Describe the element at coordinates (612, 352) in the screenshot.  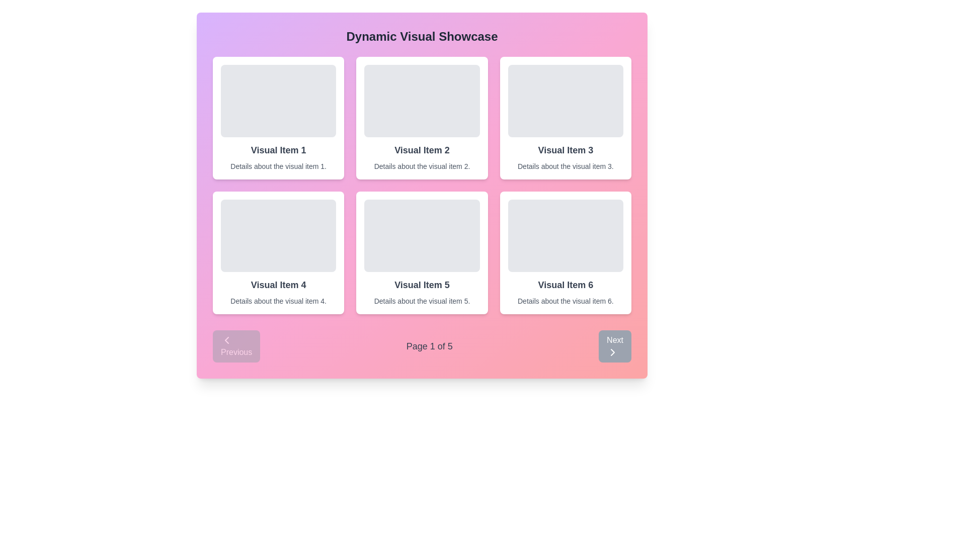
I see `the chevron icon located in the bottom-right corner of the interface next to the 'Next' text` at that location.